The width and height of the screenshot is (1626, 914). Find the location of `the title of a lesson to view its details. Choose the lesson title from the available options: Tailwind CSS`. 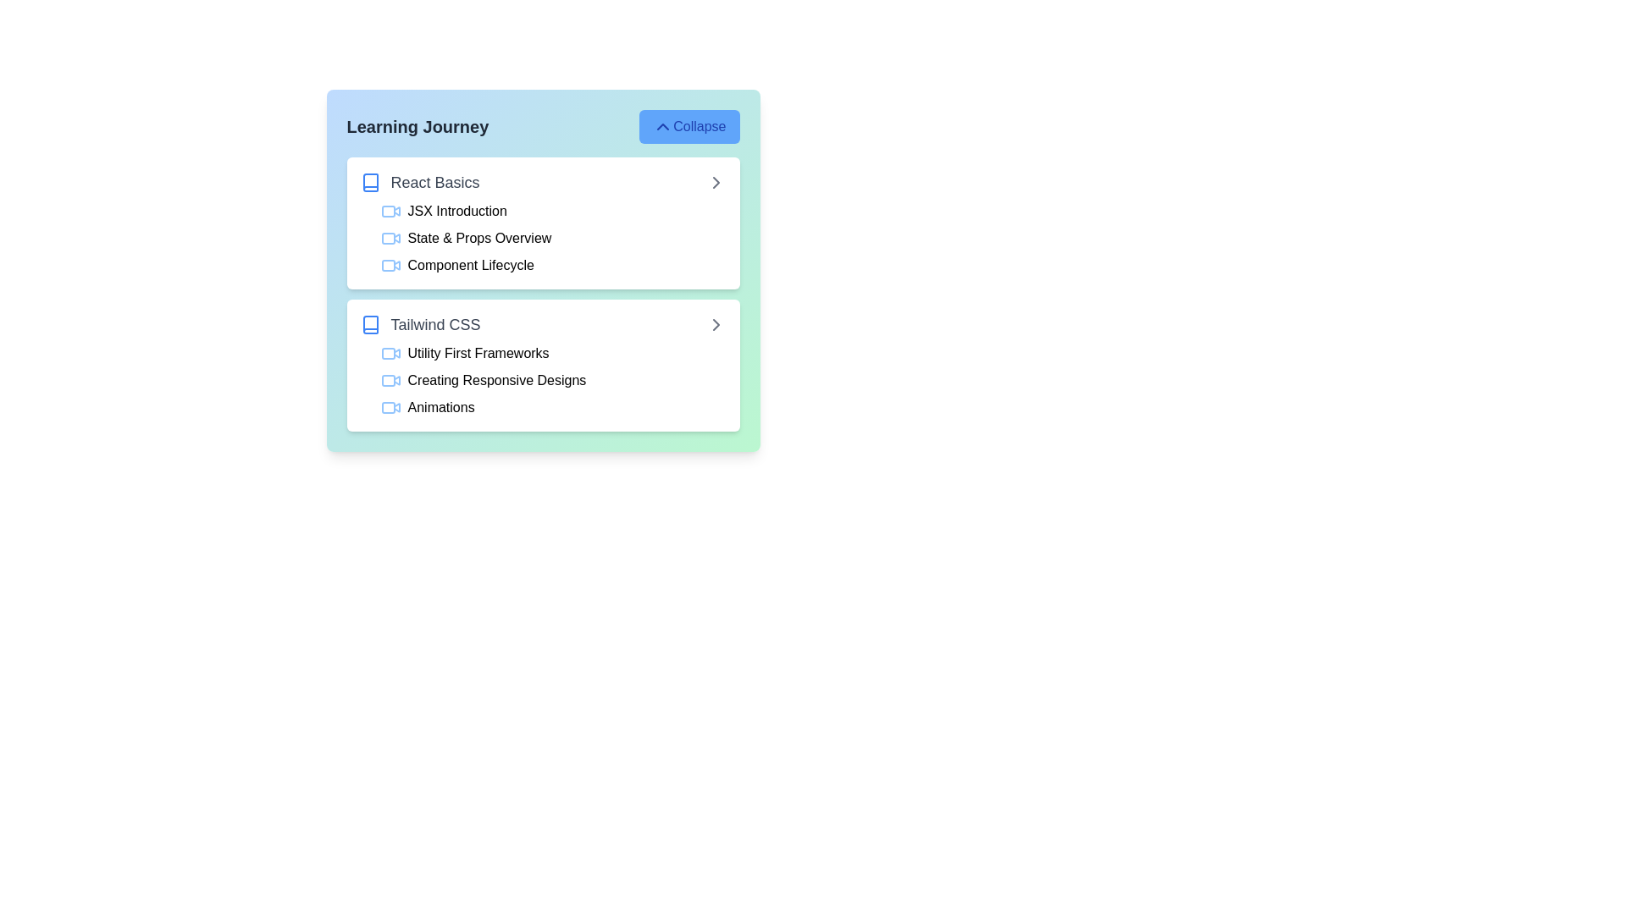

the title of a lesson to view its details. Choose the lesson title from the available options: Tailwind CSS is located at coordinates (419, 325).